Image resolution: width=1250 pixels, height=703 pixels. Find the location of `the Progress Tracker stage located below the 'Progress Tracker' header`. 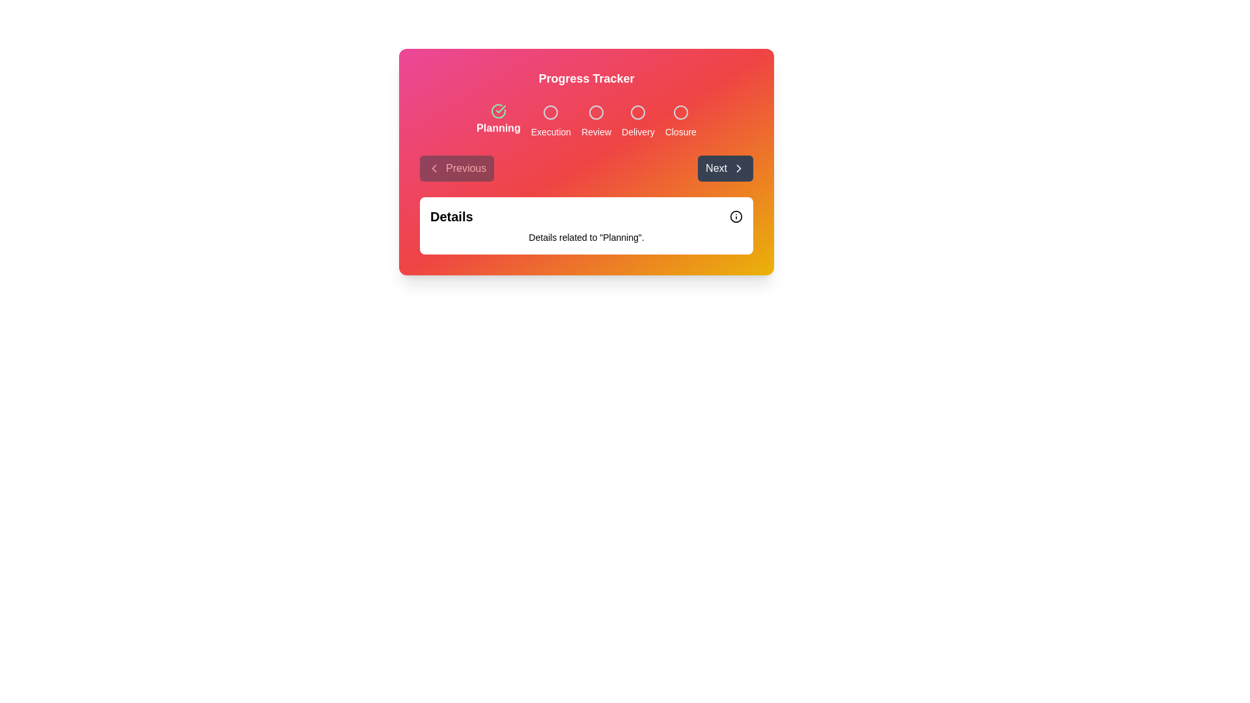

the Progress Tracker stage located below the 'Progress Tracker' header is located at coordinates (586, 121).